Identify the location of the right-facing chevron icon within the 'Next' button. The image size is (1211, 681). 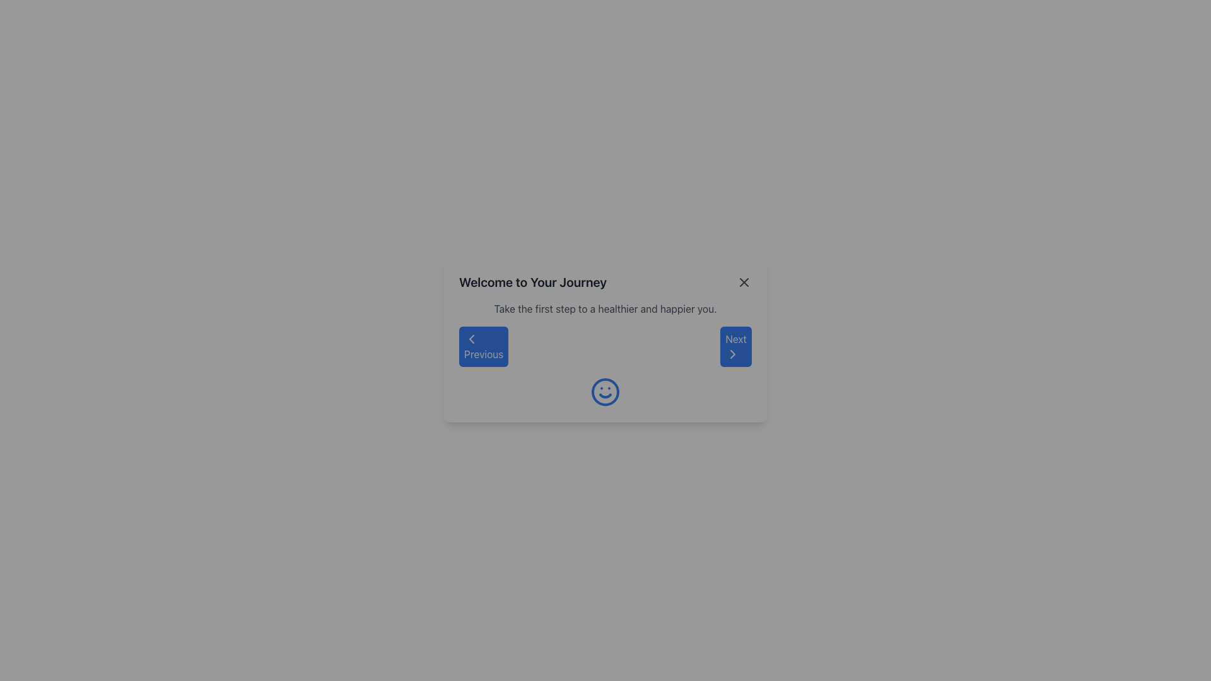
(733, 354).